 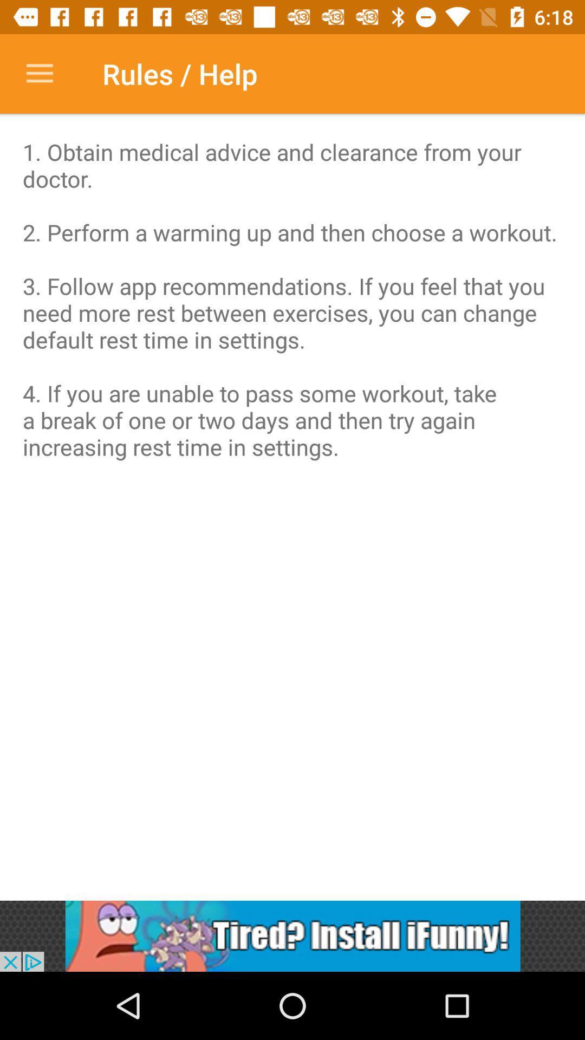 I want to click on advertisement, so click(x=292, y=935).